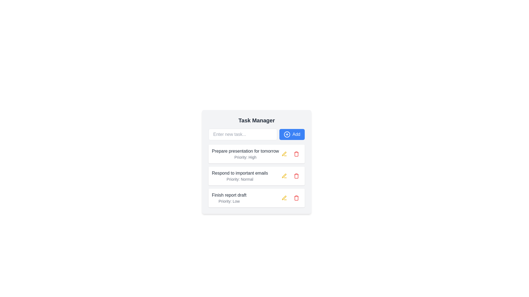  Describe the element at coordinates (296, 198) in the screenshot. I see `the delete button located in the lower-right corner of the 'Finish report draft' list item in the 'Task Manager' interface` at that location.